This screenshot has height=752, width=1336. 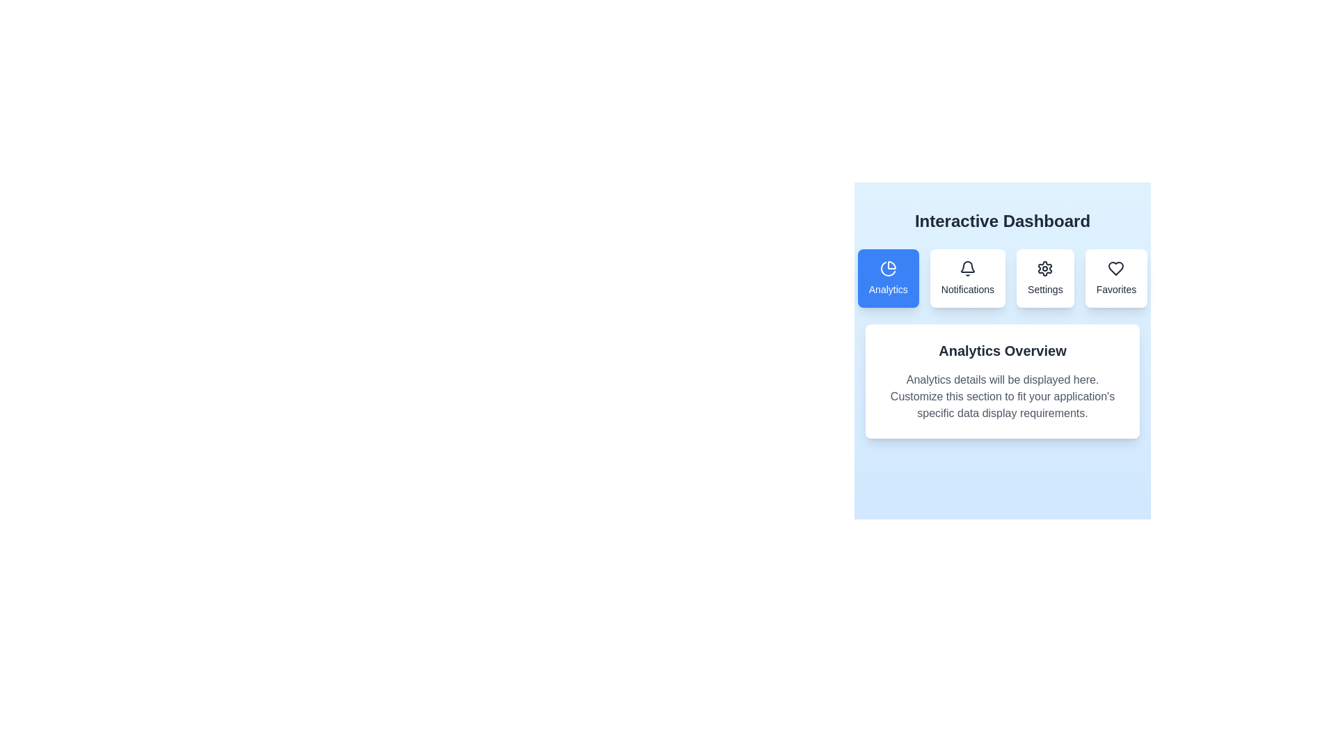 What do you see at coordinates (1116, 268) in the screenshot?
I see `the heart shape element within the 'Favorites' icon located in the top-right corner of the 'Interactive Dashboard'` at bounding box center [1116, 268].